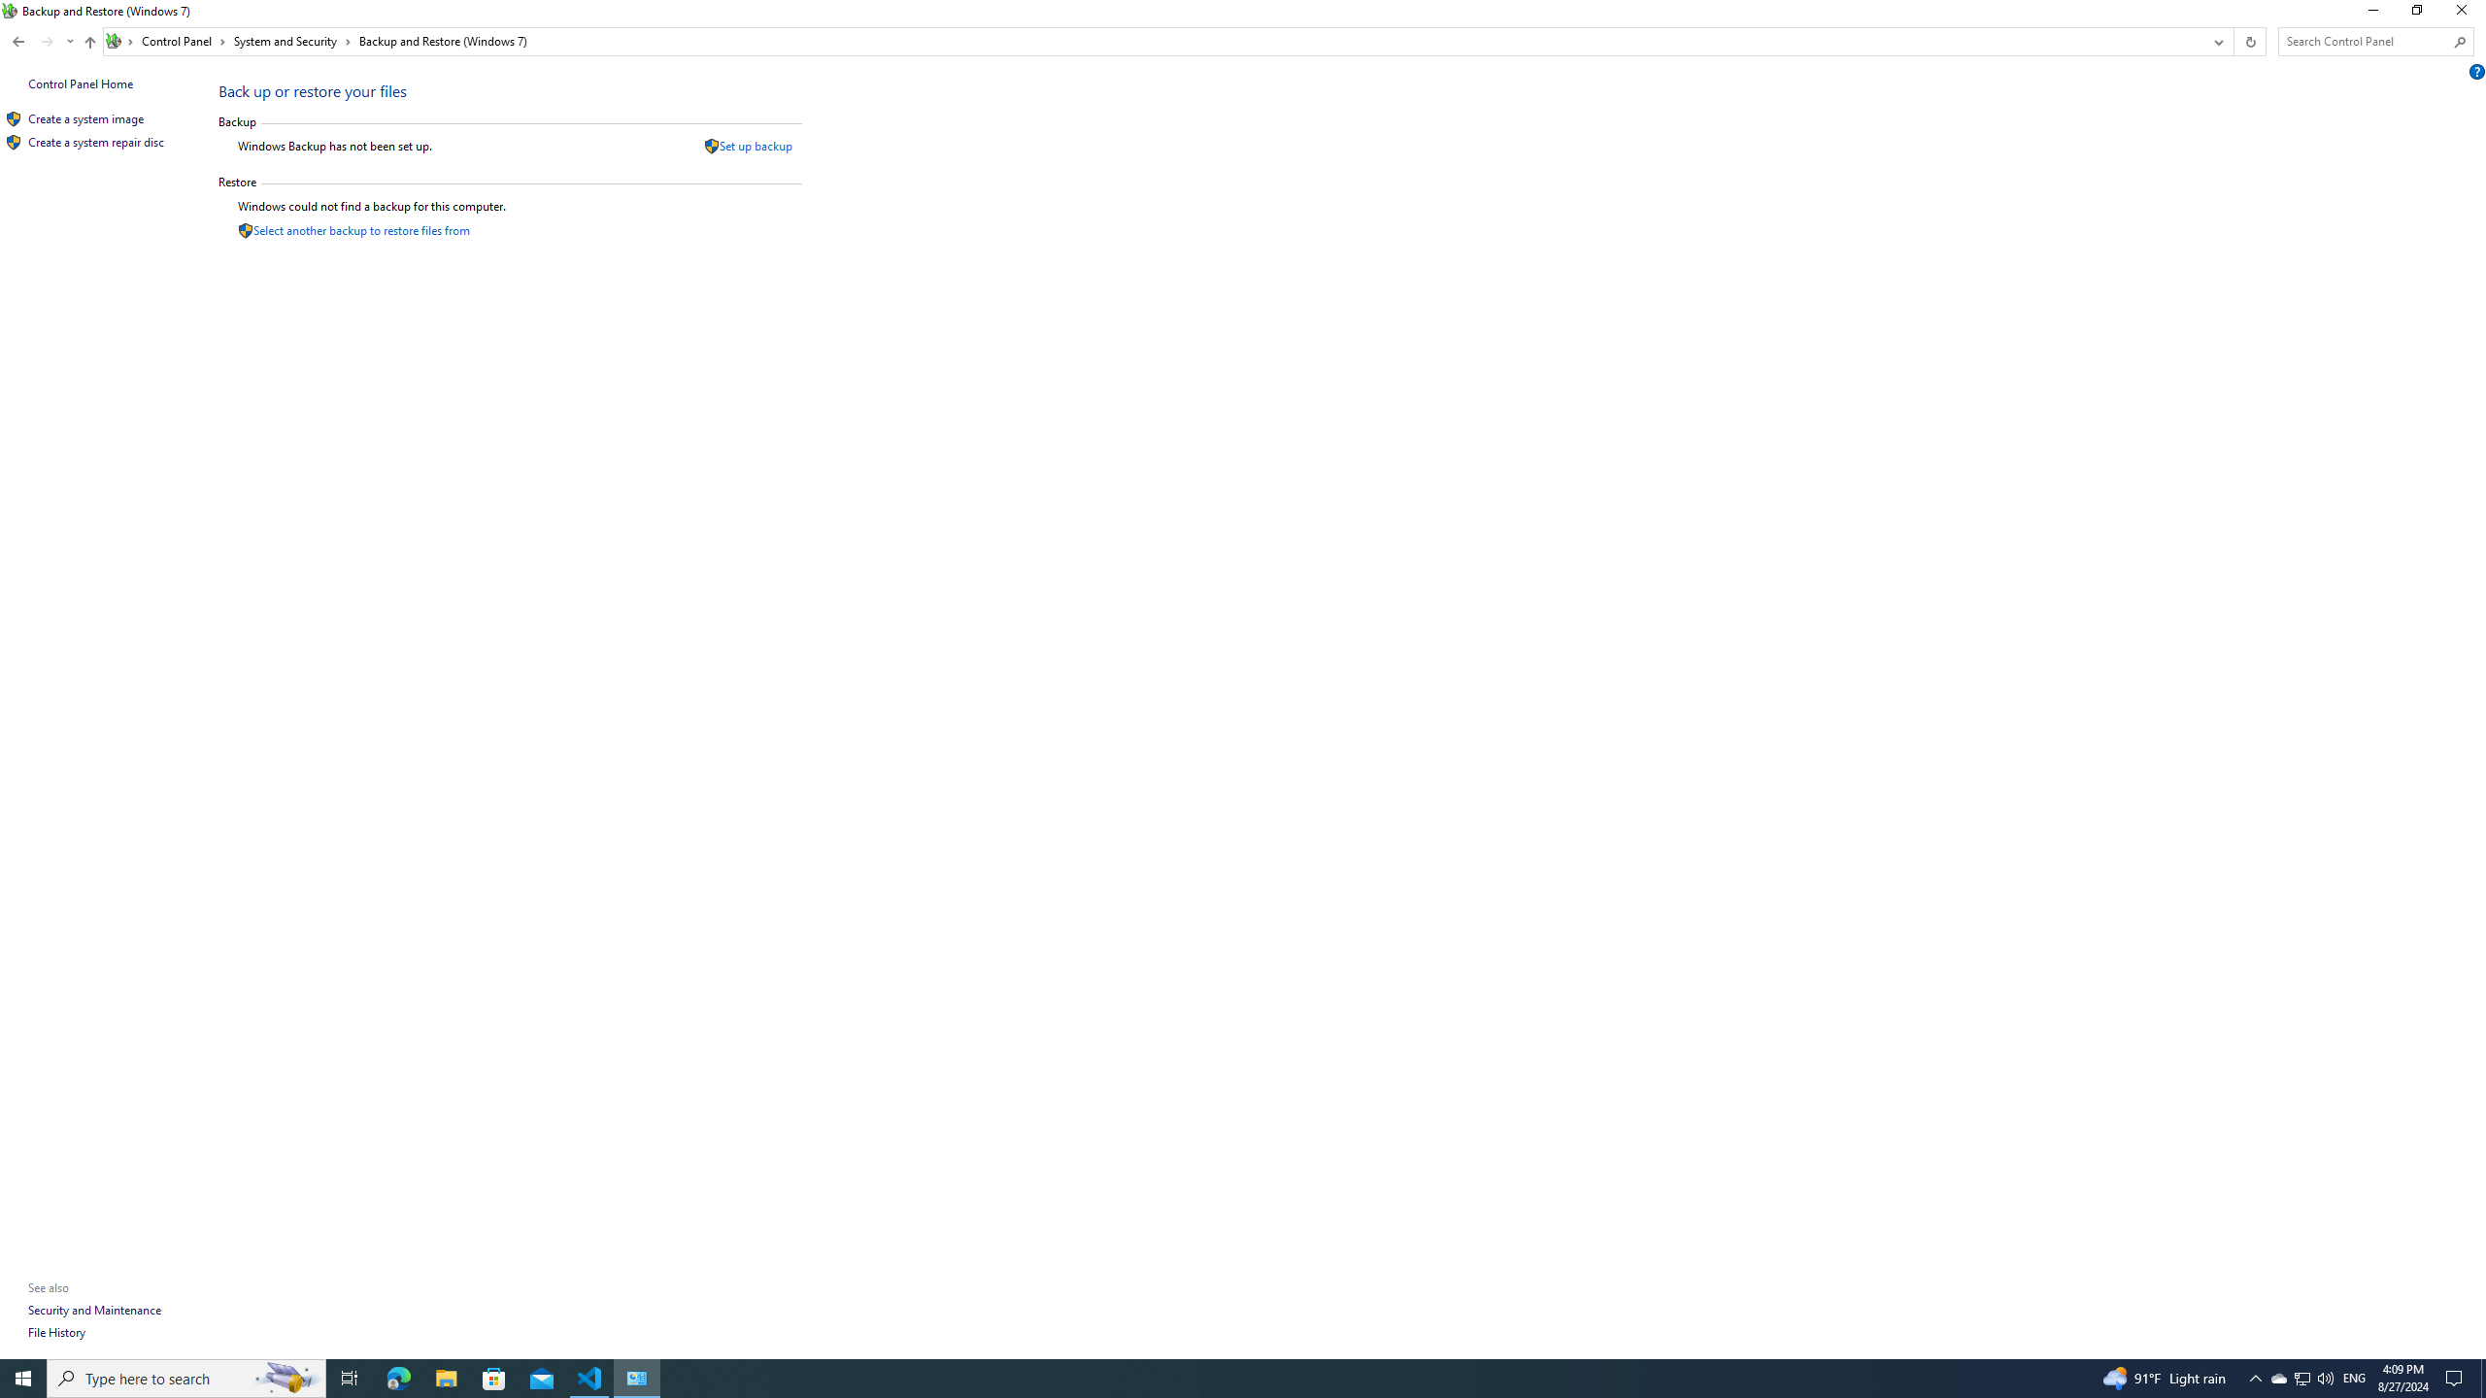  What do you see at coordinates (2466, 15) in the screenshot?
I see `'Close'` at bounding box center [2466, 15].